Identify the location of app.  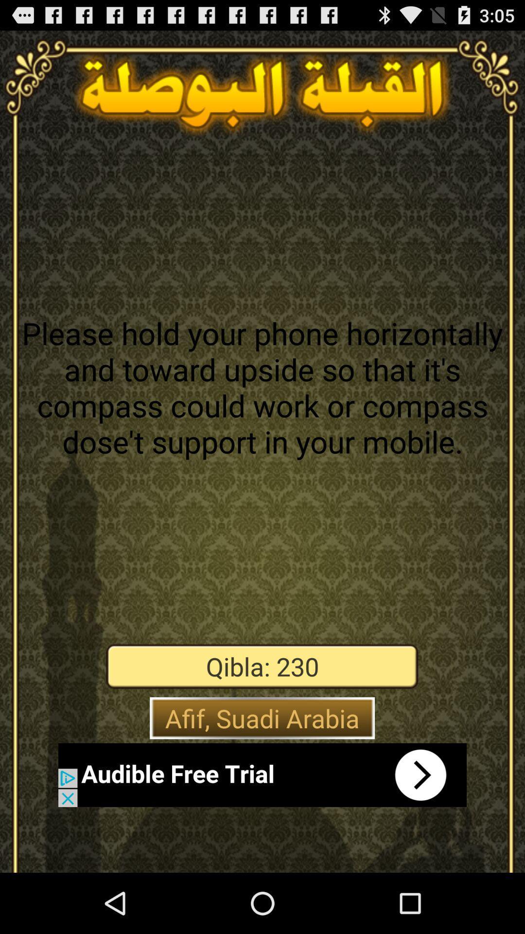
(262, 774).